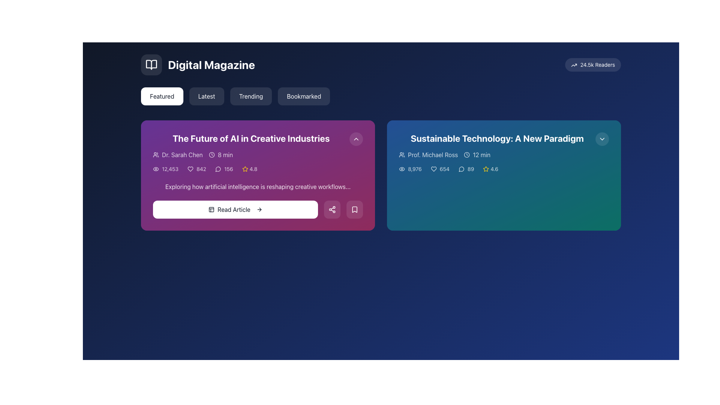  What do you see at coordinates (401, 169) in the screenshot?
I see `the eye icon that represents views, located adjacent to the text '8,976', which signifies the number of views` at bounding box center [401, 169].